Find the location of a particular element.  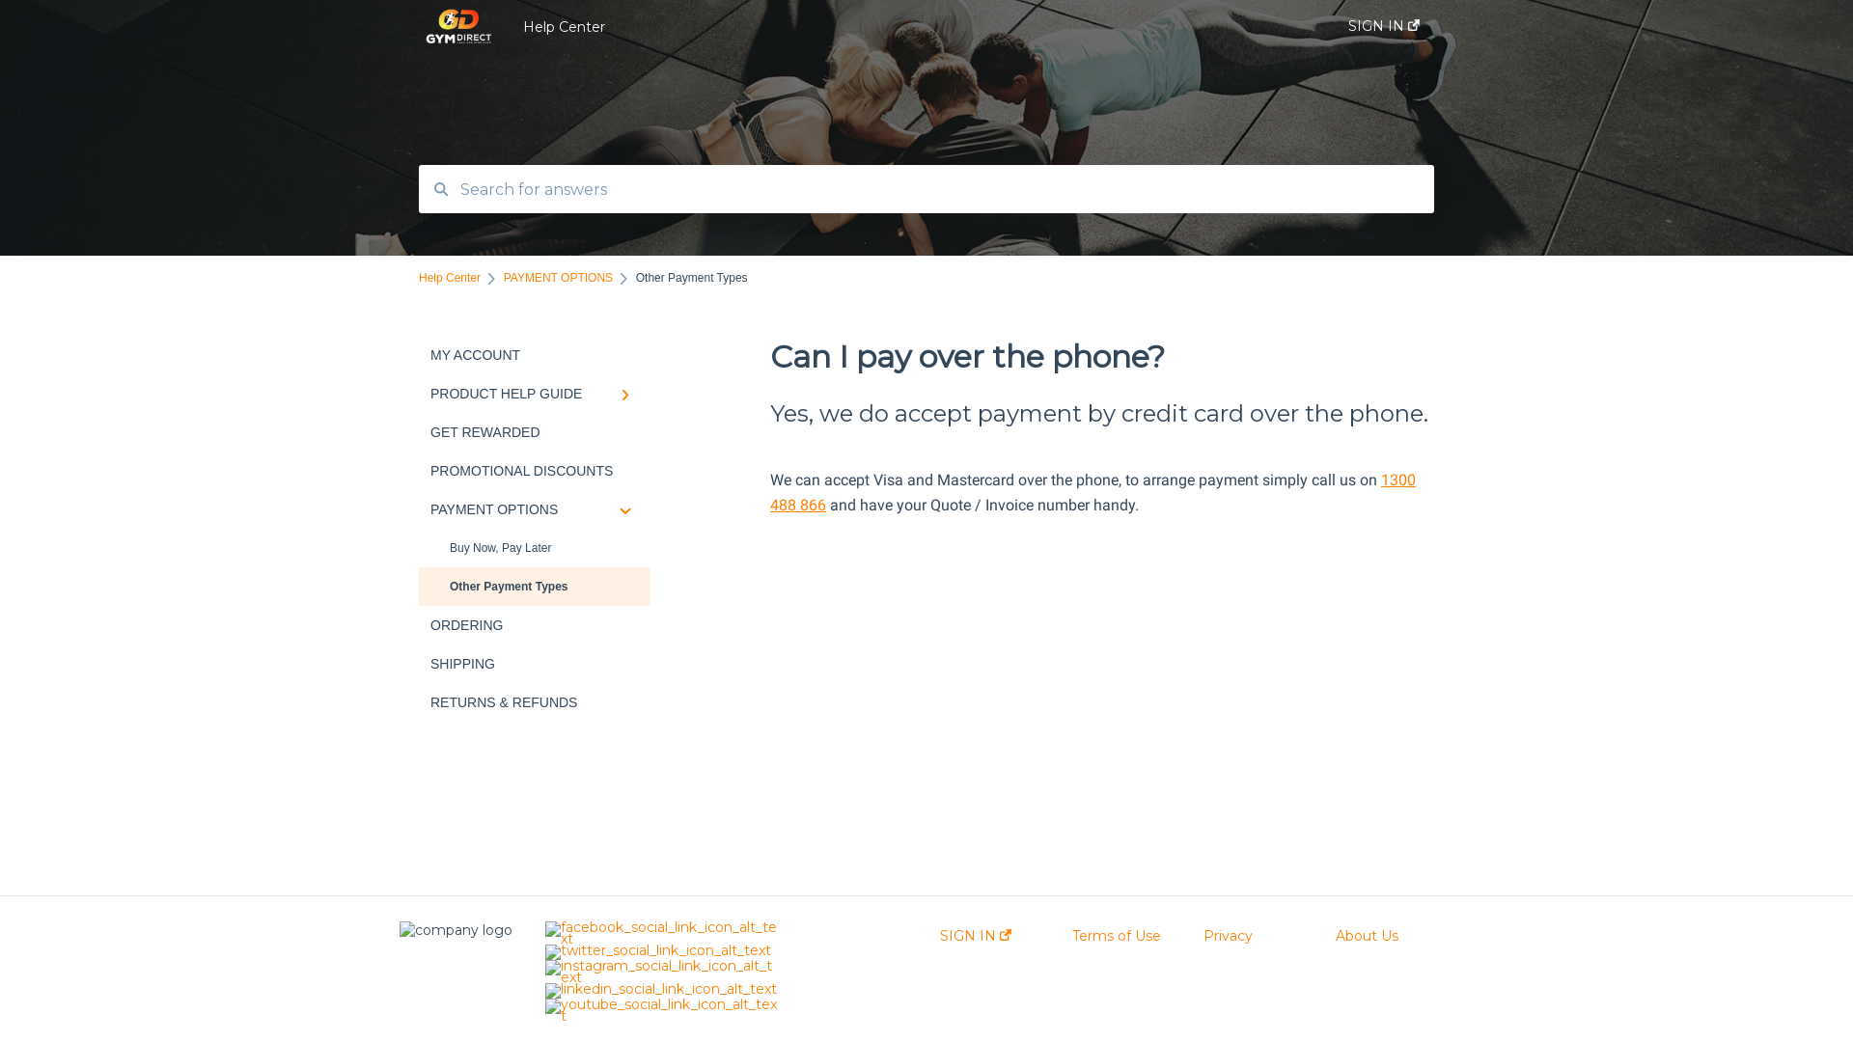

'Buy Now, Pay Later' is located at coordinates (534, 547).